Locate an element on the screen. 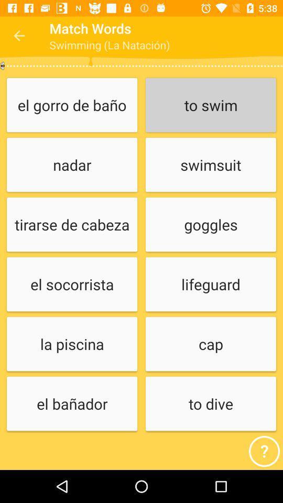  item above the nadar is located at coordinates (71, 105).